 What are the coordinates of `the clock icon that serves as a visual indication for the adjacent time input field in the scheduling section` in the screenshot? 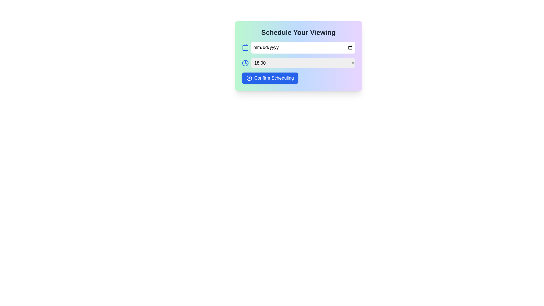 It's located at (245, 63).